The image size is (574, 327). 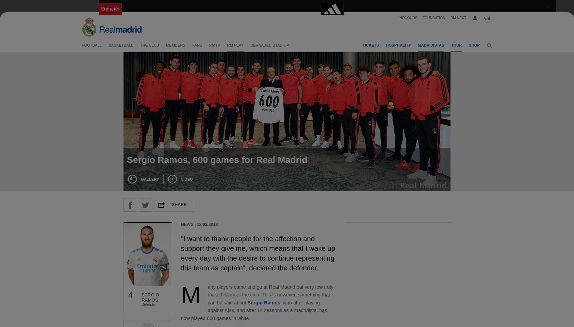 What do you see at coordinates (247, 302) in the screenshot?
I see `'Sergio Ramos'` at bounding box center [247, 302].